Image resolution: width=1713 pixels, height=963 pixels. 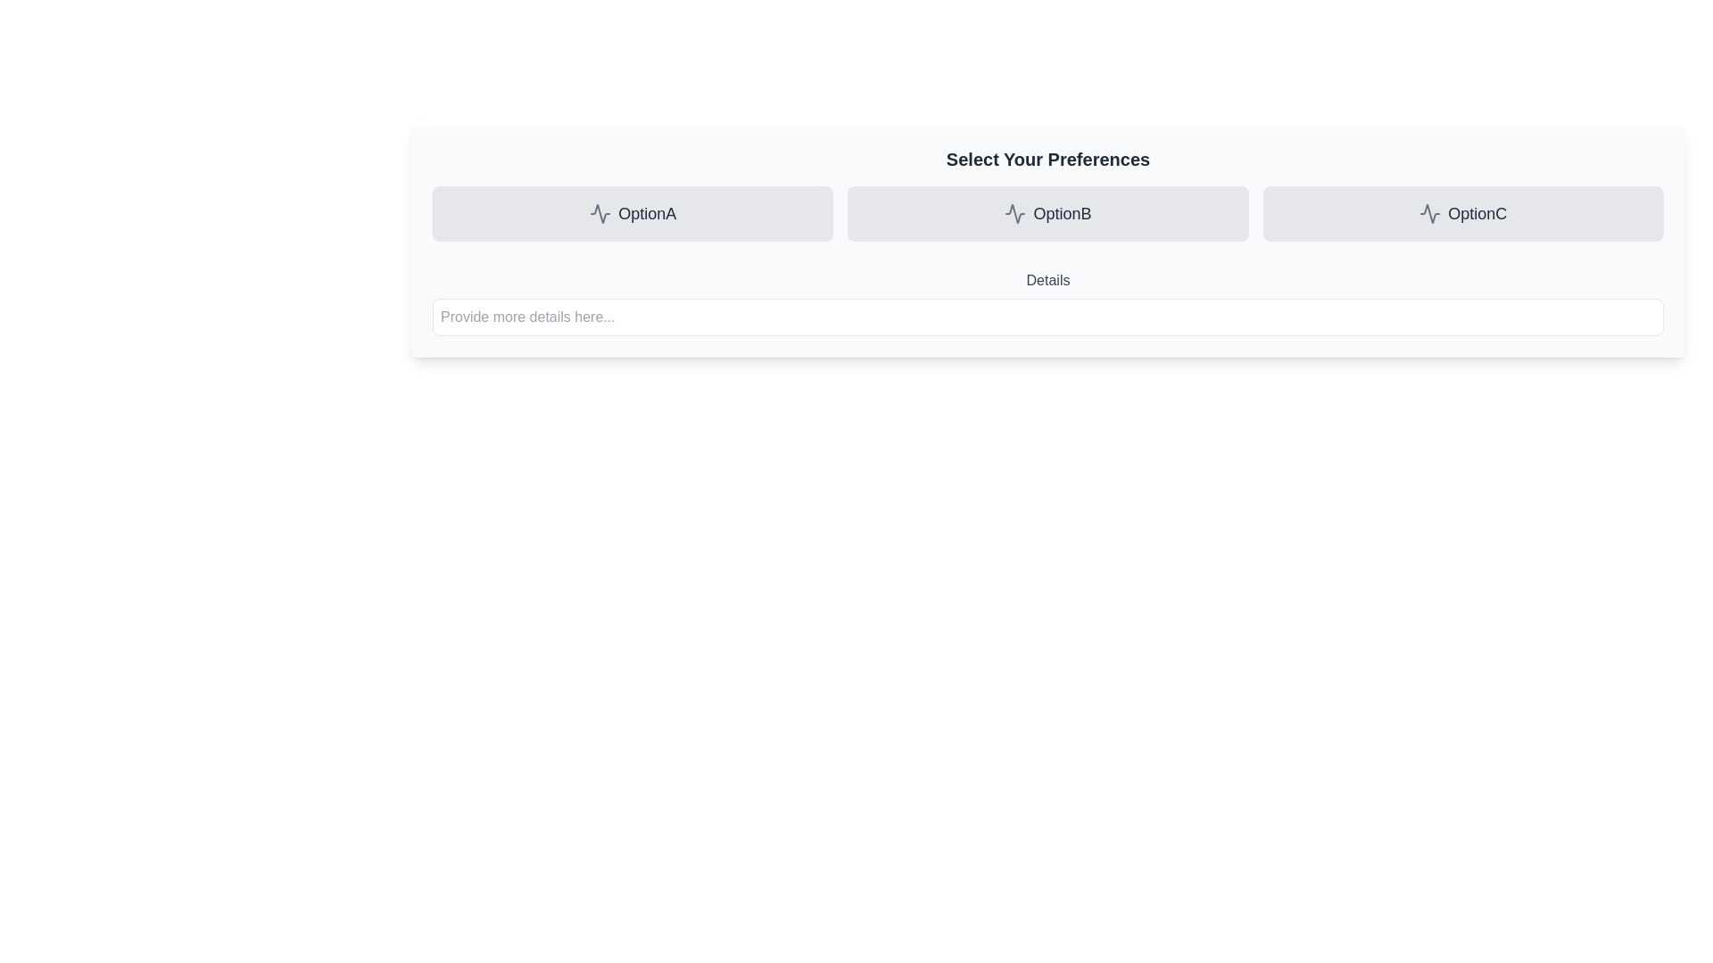 I want to click on the rectangular button labeled 'OptionC' with a waveform icon on the left, so click(x=1463, y=212).